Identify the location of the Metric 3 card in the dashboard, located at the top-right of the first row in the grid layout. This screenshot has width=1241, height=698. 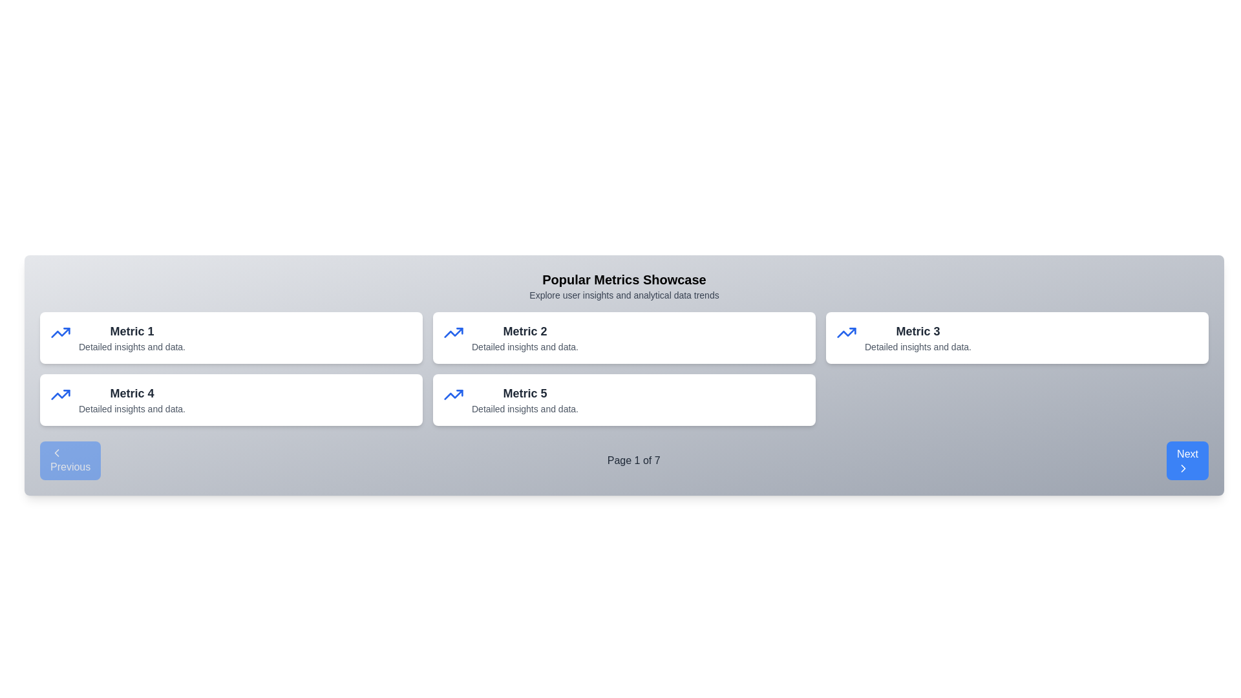
(1017, 337).